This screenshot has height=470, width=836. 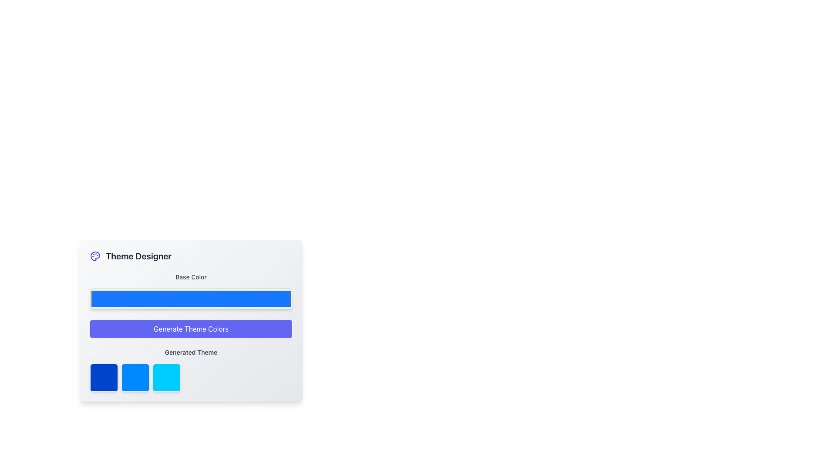 I want to click on the static text label that indicates the theme customization functionality, positioned to the right of the accompanying icon and above the 'Base Color' bar, so click(x=138, y=256).